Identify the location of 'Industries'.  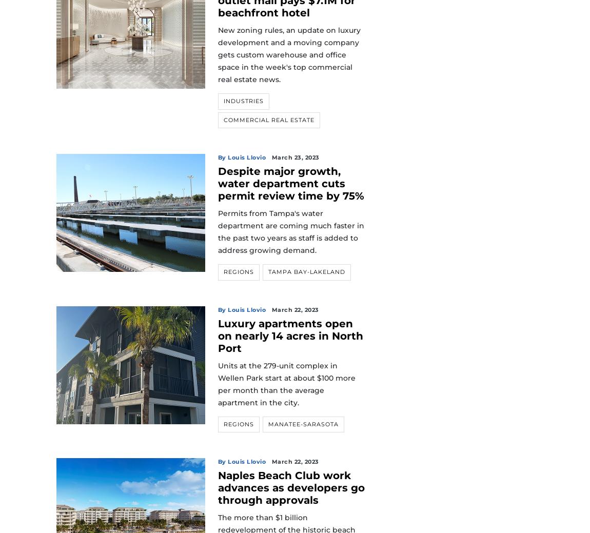
(243, 101).